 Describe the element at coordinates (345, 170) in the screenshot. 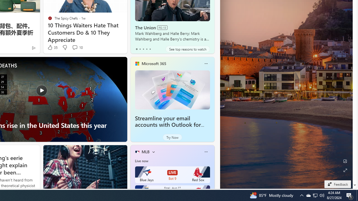

I see `'Expand background'` at that location.